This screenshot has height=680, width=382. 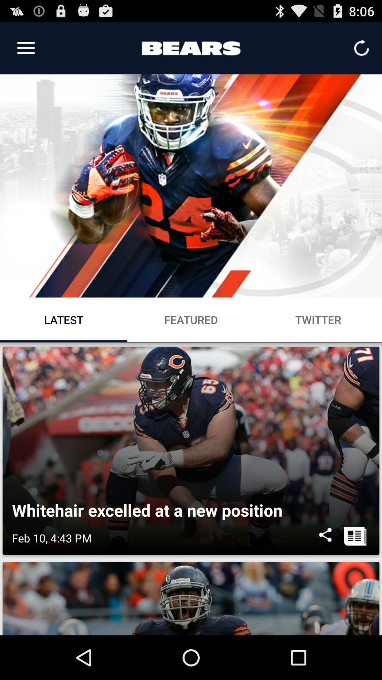 What do you see at coordinates (325, 538) in the screenshot?
I see `item to the right of feb 10 4` at bounding box center [325, 538].